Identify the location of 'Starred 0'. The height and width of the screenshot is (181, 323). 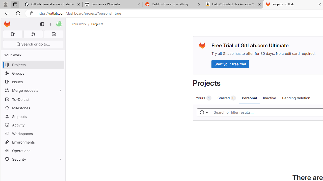
(226, 98).